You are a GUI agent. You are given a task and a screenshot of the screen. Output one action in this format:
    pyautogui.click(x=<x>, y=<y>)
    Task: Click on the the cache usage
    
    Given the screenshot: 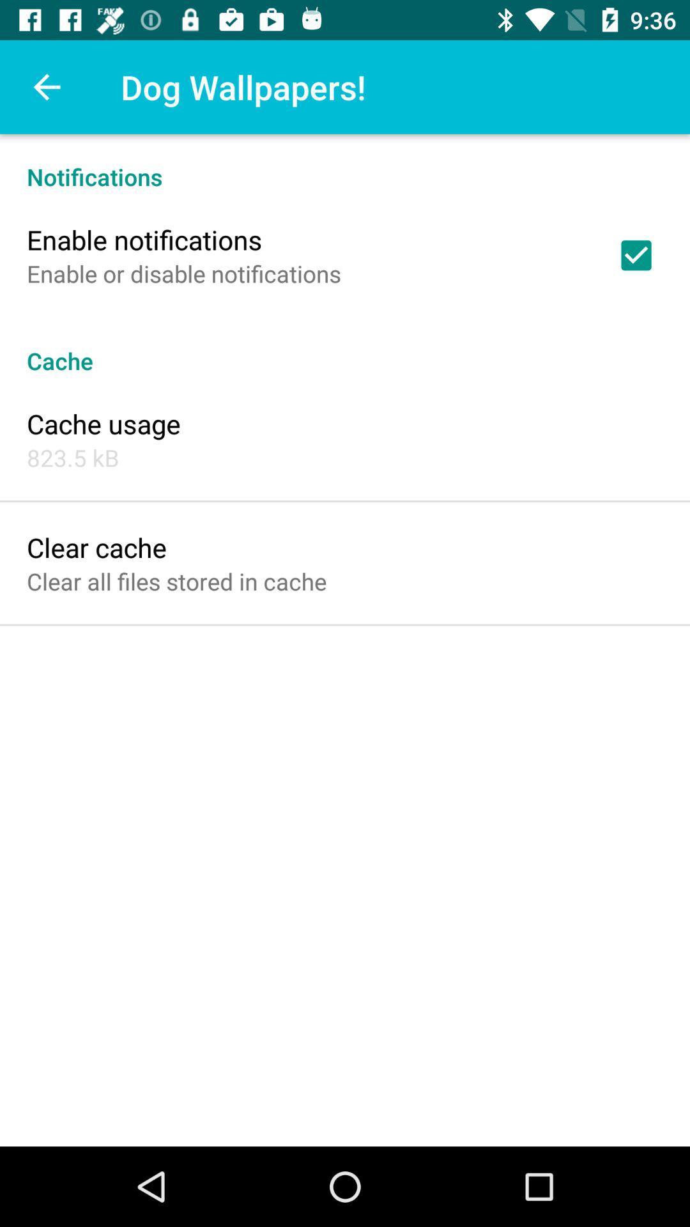 What is the action you would take?
    pyautogui.click(x=103, y=423)
    